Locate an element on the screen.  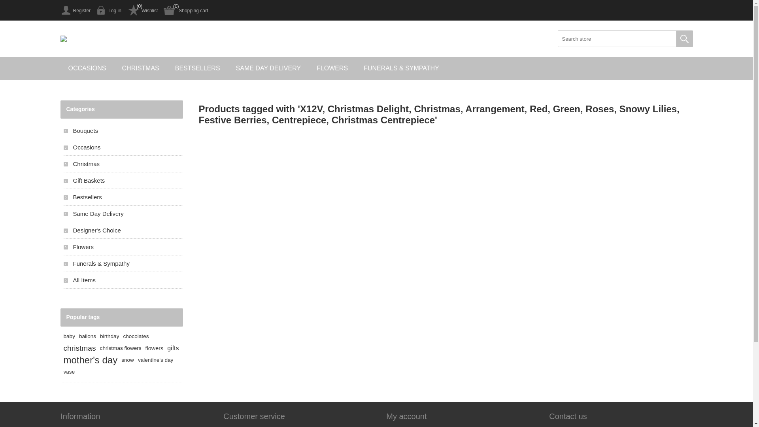
'Search' is located at coordinates (675, 38).